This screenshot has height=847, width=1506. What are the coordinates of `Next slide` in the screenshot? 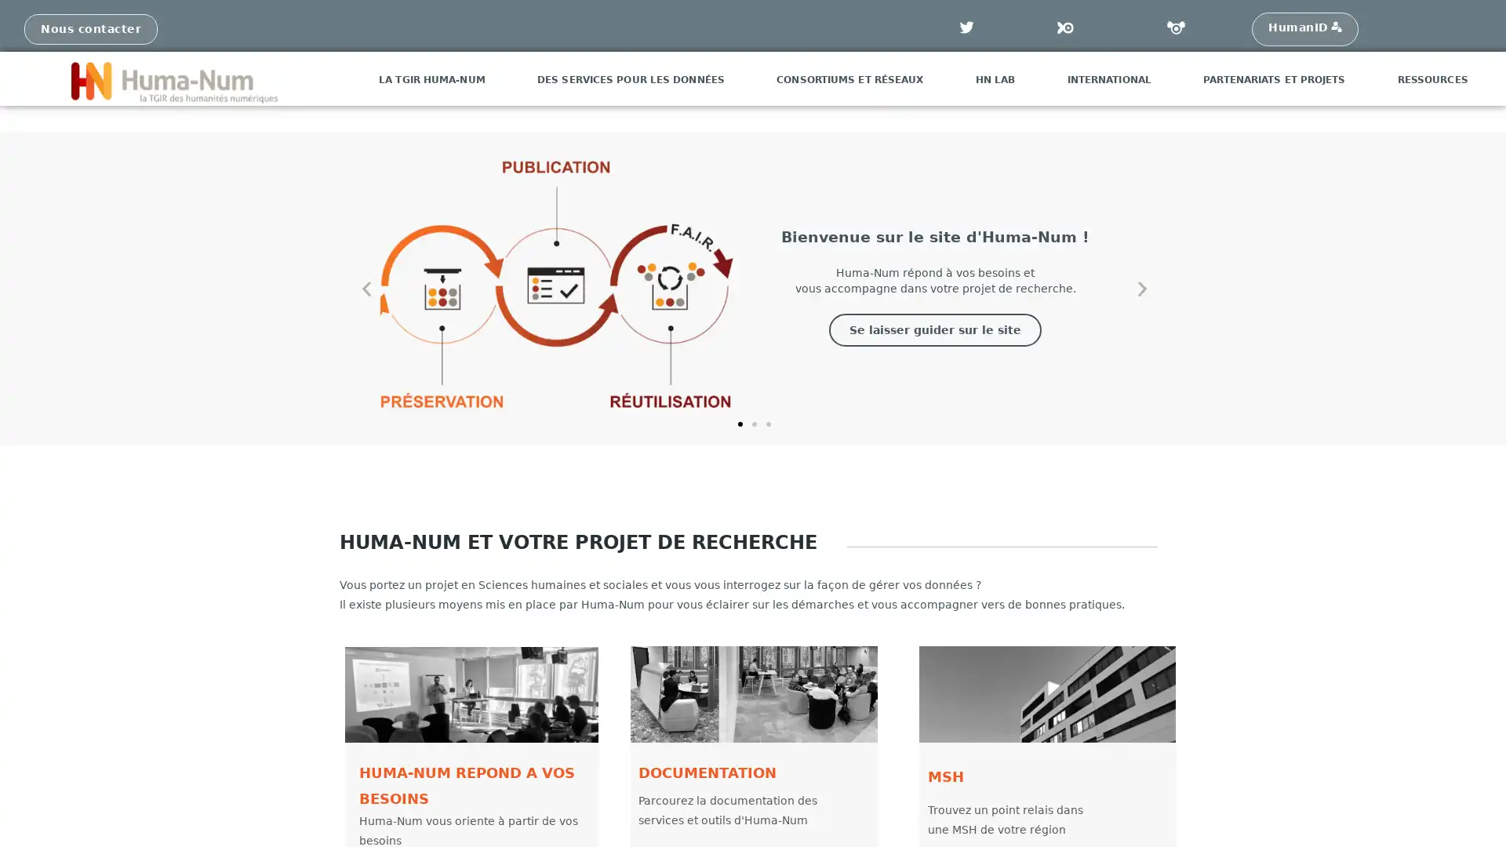 It's located at (1141, 288).